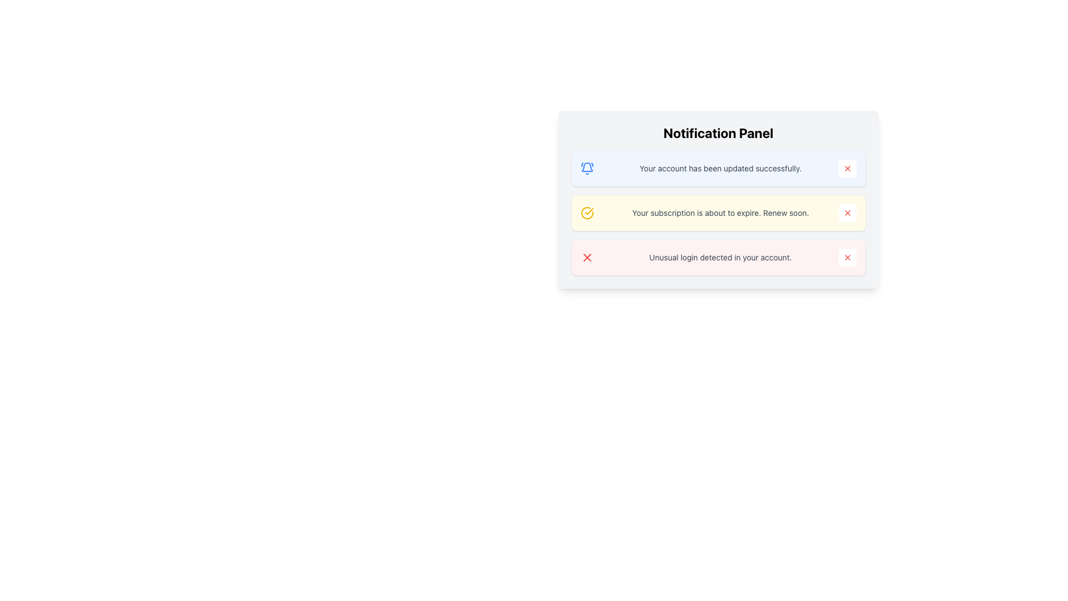 The image size is (1068, 601). What do you see at coordinates (586, 169) in the screenshot?
I see `the decorative bell icon located on the leftmost side of the notification box that indicates the message 'Your account has been updated successfully.'` at bounding box center [586, 169].